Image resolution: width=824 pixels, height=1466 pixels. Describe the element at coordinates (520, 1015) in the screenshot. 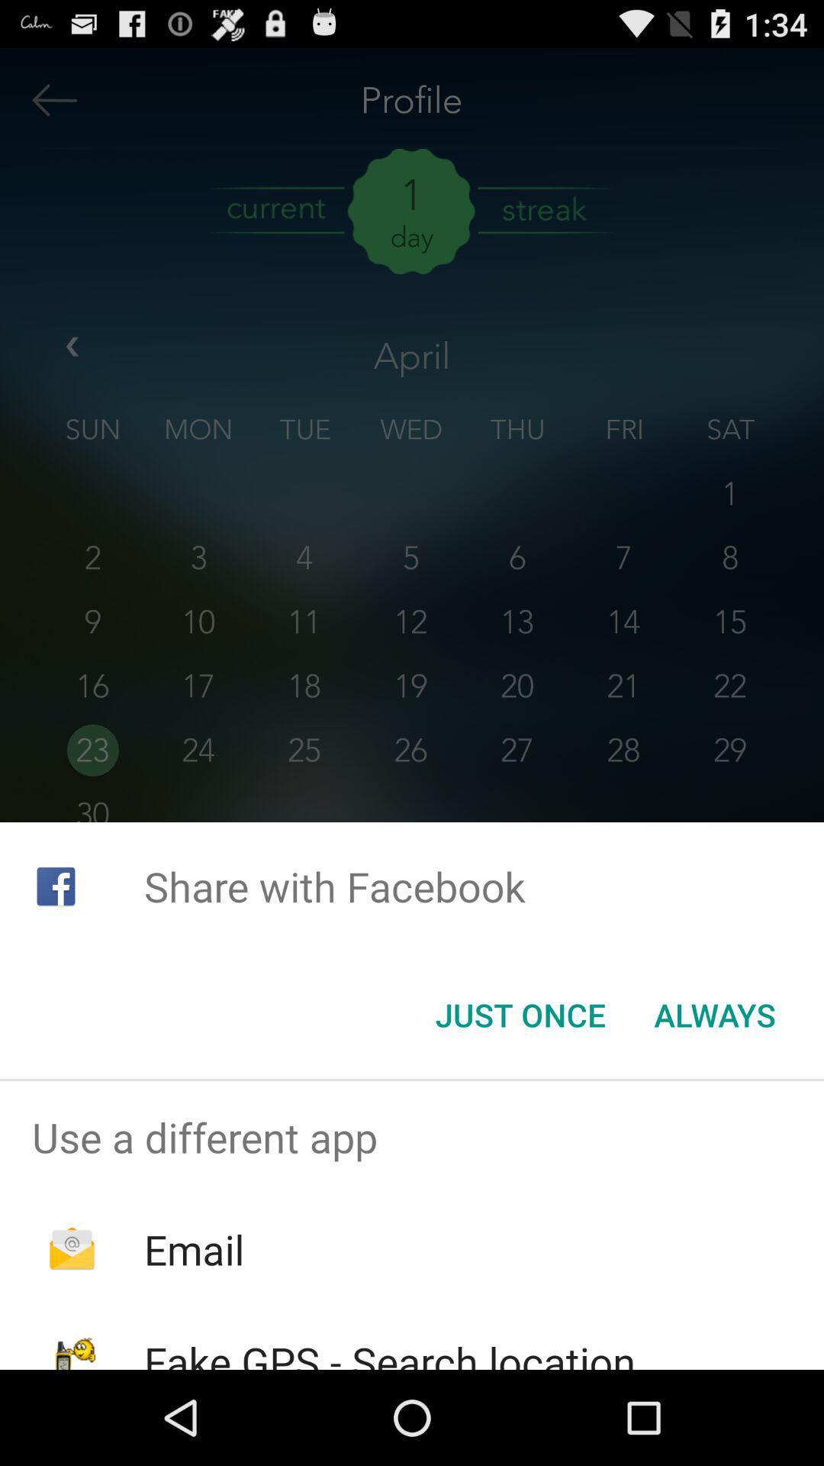

I see `button to the left of always item` at that location.